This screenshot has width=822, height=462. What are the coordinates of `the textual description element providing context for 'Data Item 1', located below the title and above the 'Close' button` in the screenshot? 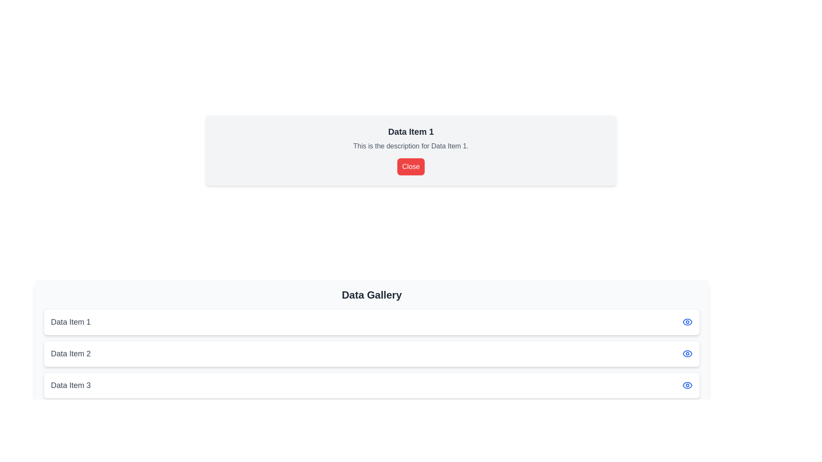 It's located at (411, 146).